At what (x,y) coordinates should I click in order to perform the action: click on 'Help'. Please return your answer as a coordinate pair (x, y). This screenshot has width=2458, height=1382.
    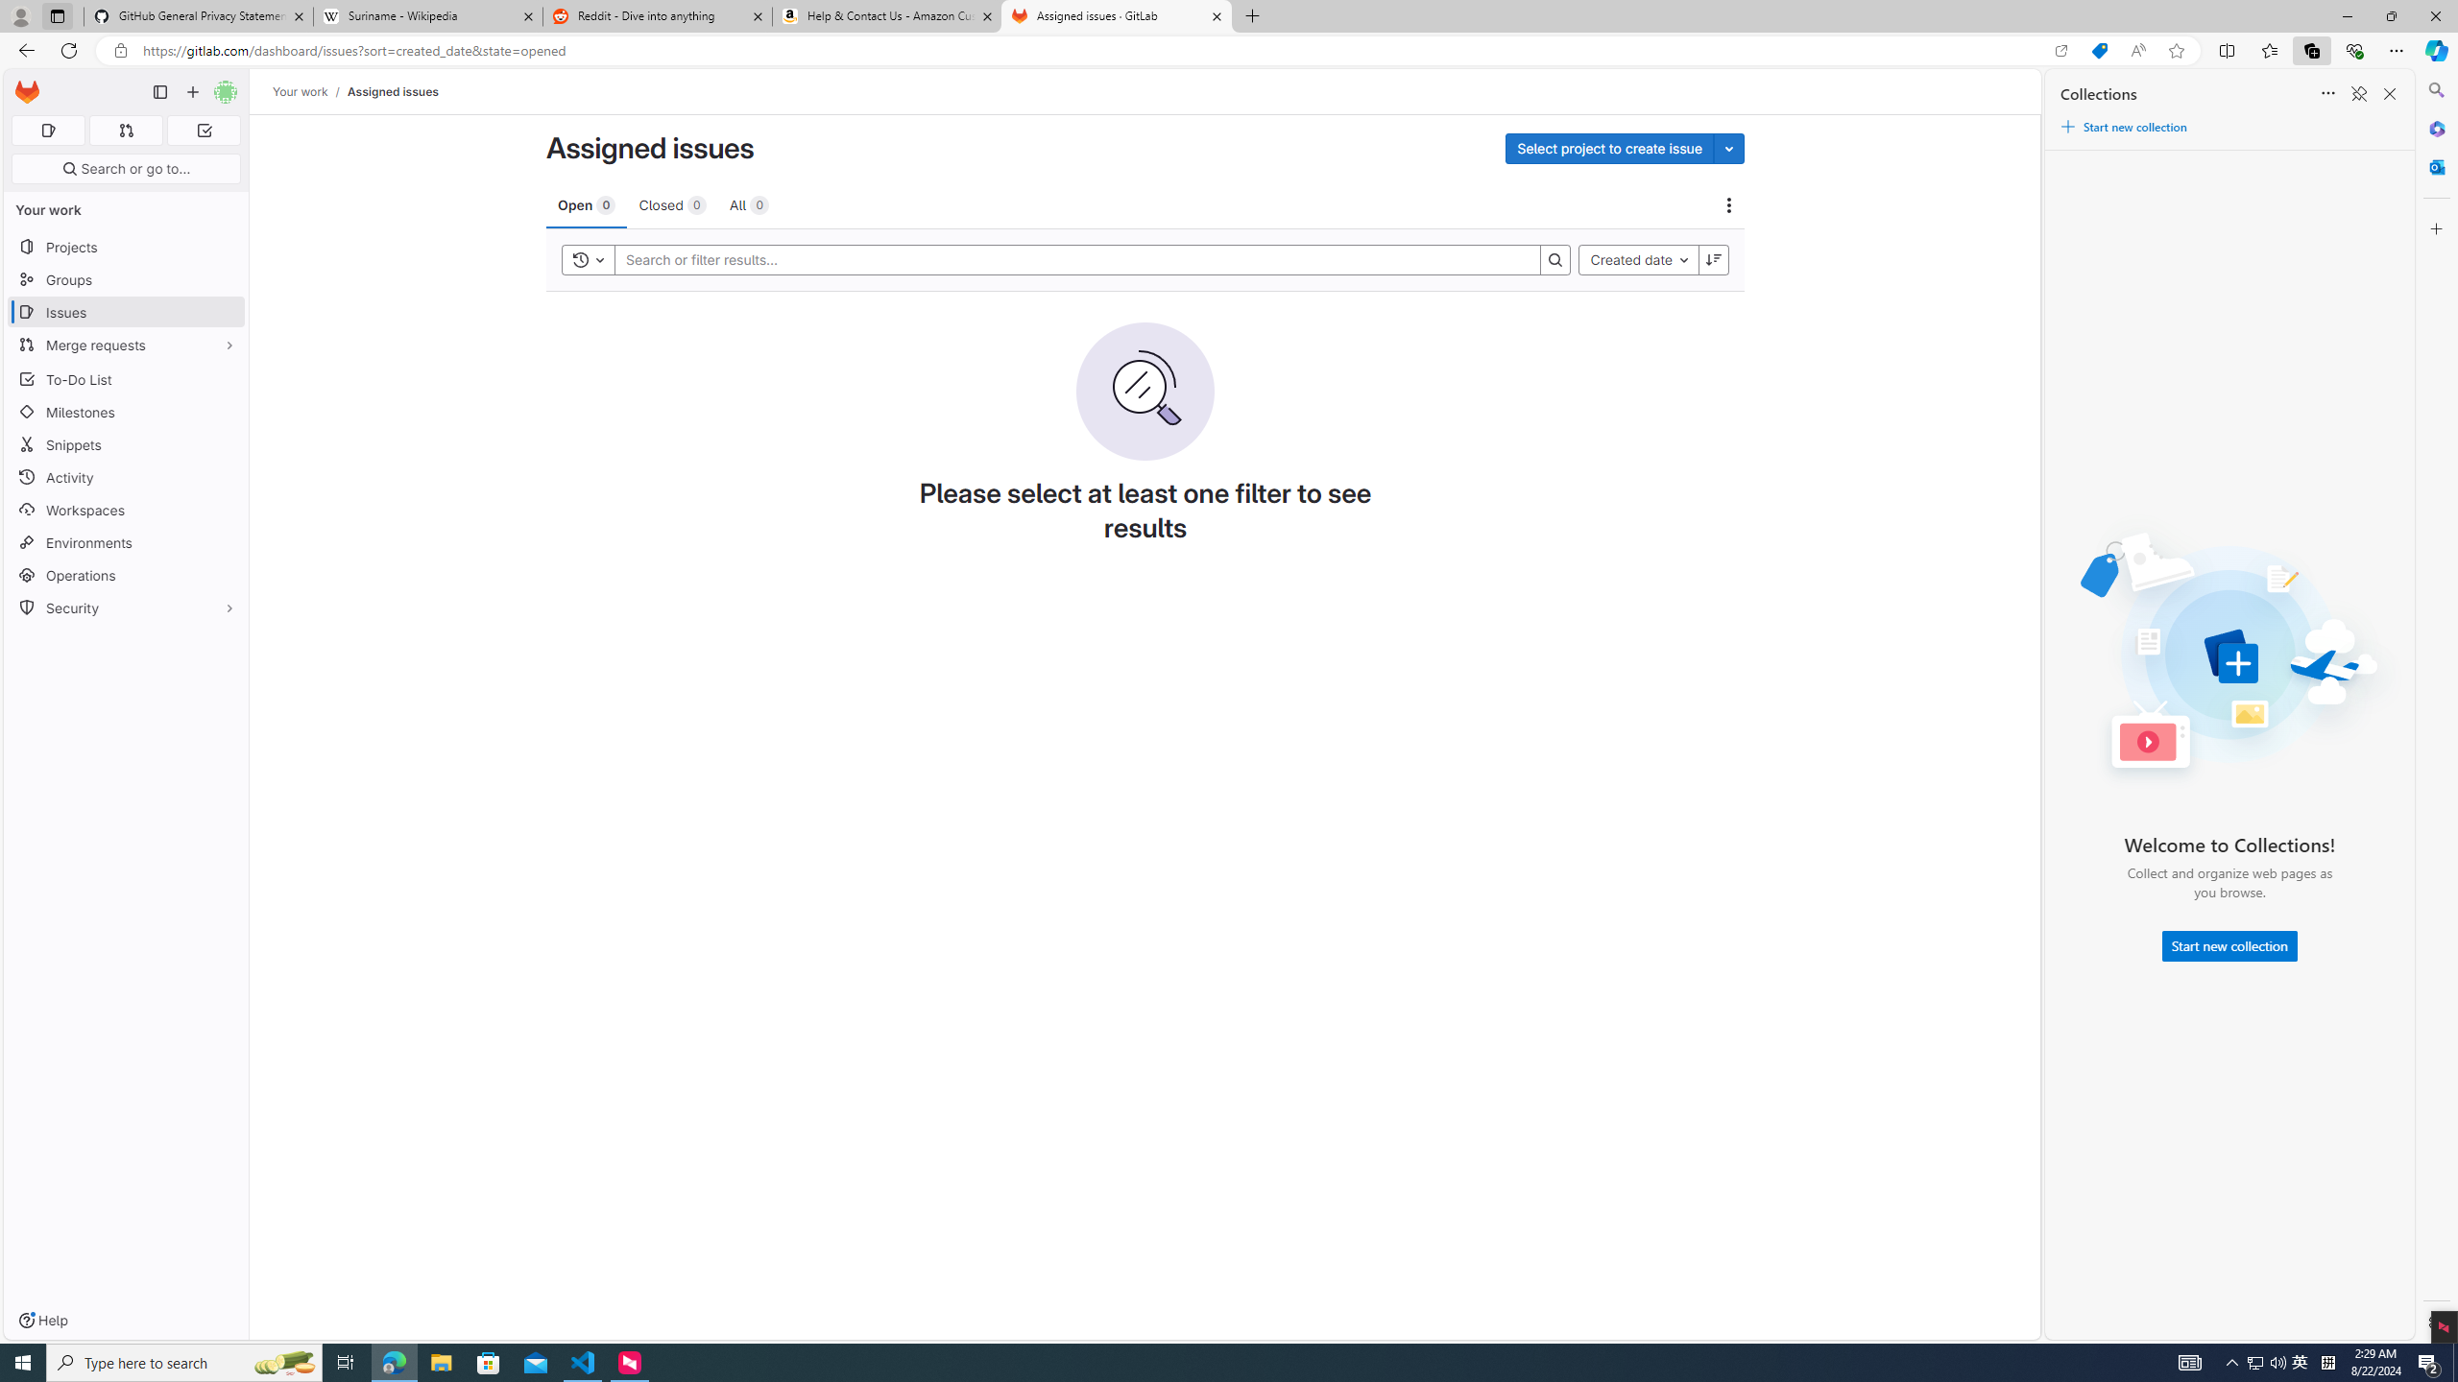
    Looking at the image, I should click on (42, 1319).